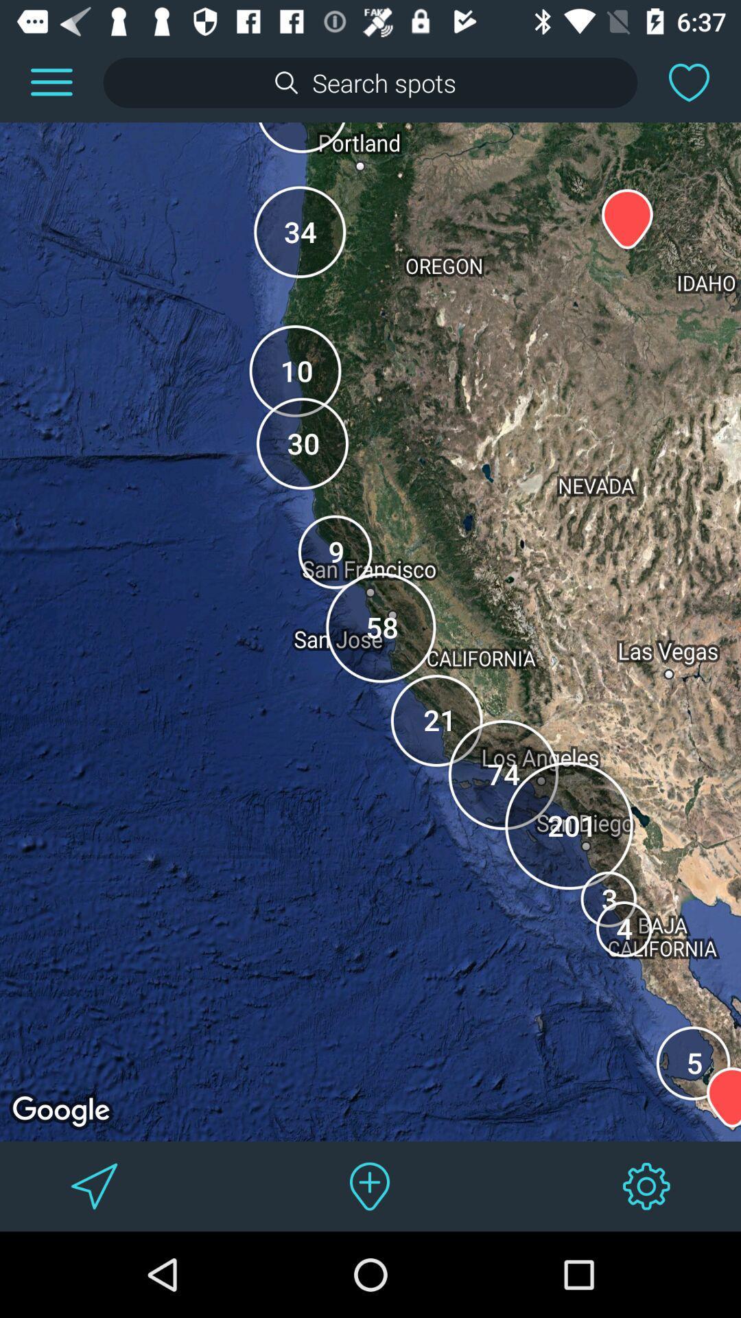 The height and width of the screenshot is (1318, 741). I want to click on the favorite icon, so click(689, 82).